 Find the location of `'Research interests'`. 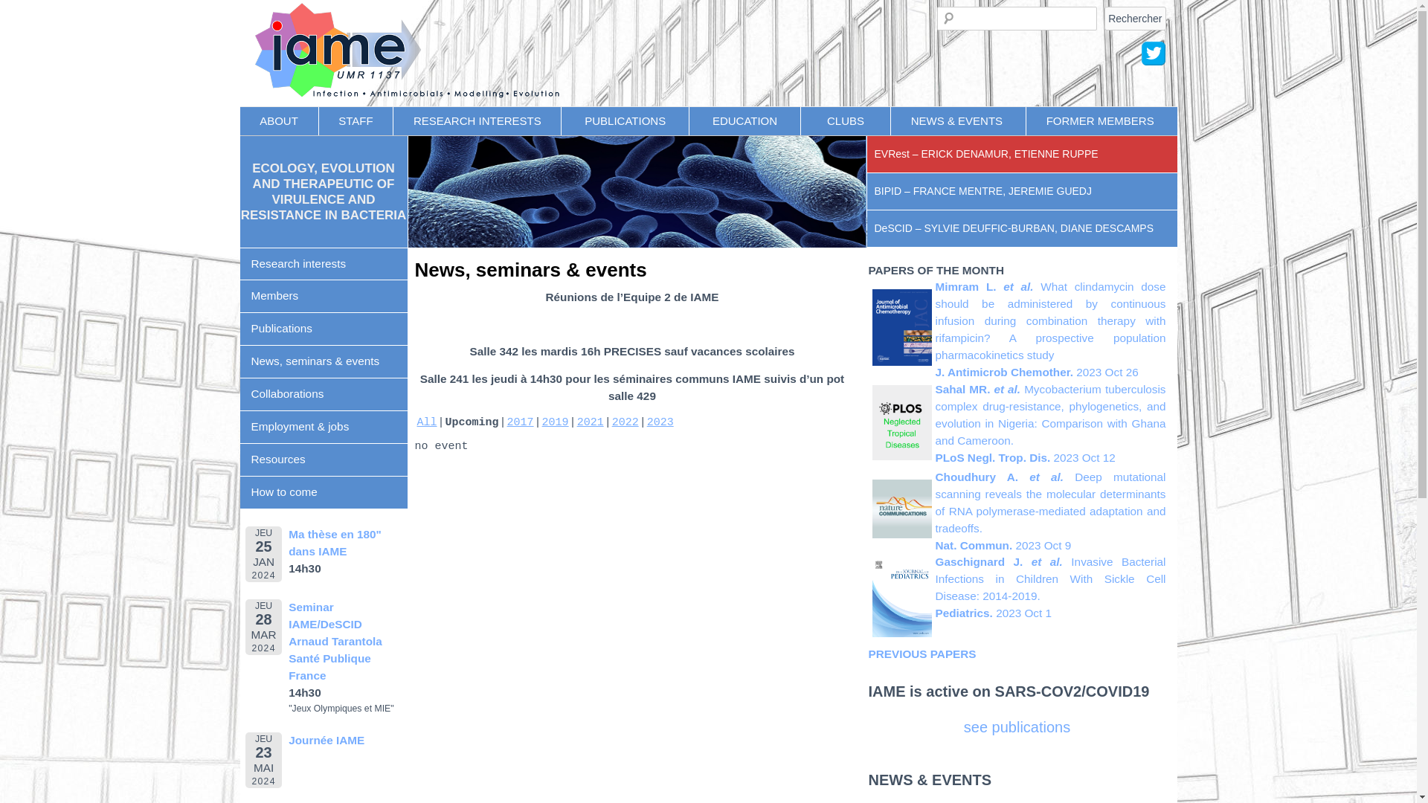

'Research interests' is located at coordinates (322, 263).